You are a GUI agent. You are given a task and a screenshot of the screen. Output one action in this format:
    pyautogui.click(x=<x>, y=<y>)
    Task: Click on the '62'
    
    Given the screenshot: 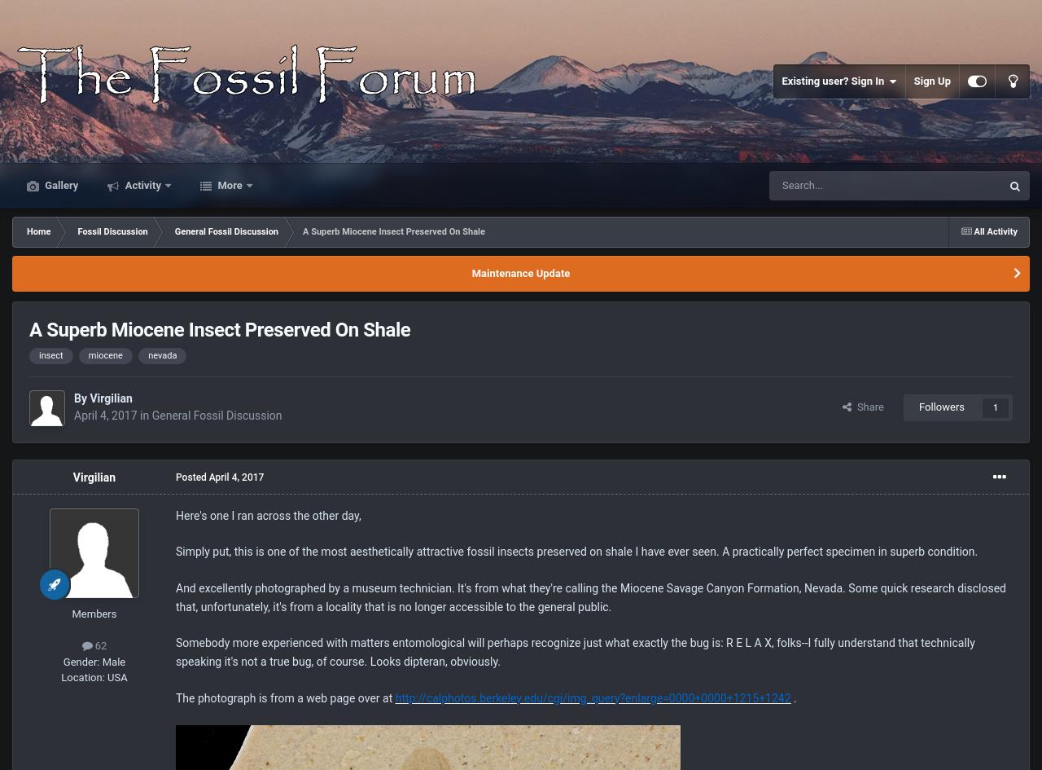 What is the action you would take?
    pyautogui.click(x=98, y=645)
    